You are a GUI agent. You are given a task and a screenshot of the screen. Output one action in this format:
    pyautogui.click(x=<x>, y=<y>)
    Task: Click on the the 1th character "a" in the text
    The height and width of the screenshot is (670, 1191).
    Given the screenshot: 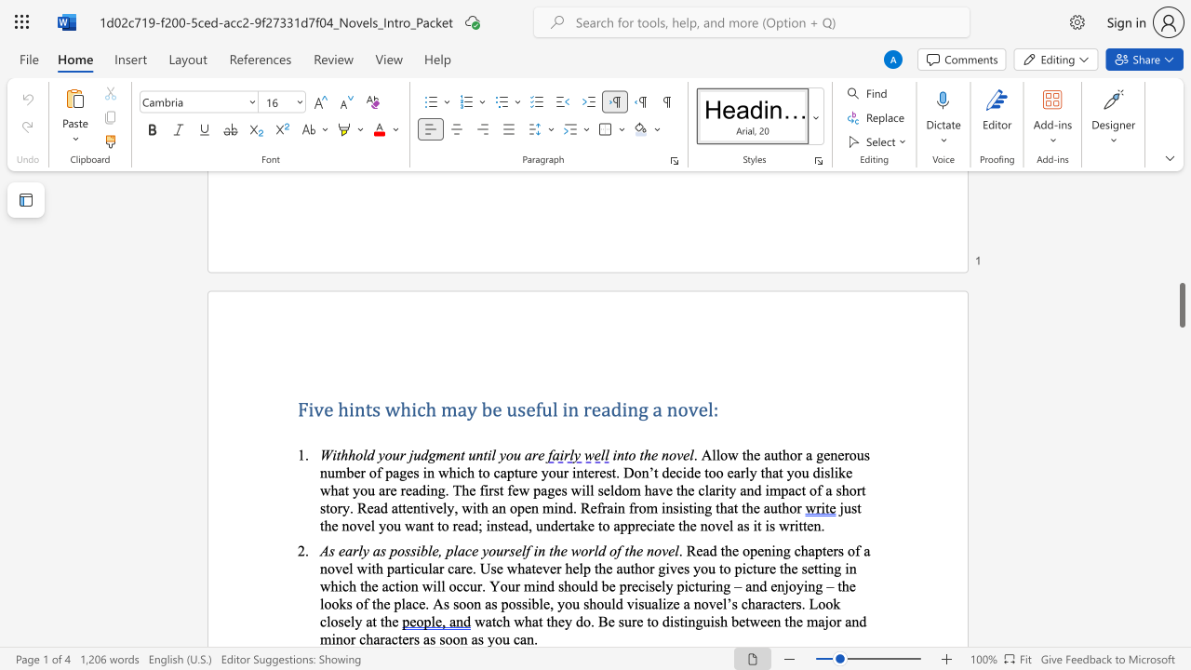 What is the action you would take?
    pyautogui.click(x=527, y=454)
    